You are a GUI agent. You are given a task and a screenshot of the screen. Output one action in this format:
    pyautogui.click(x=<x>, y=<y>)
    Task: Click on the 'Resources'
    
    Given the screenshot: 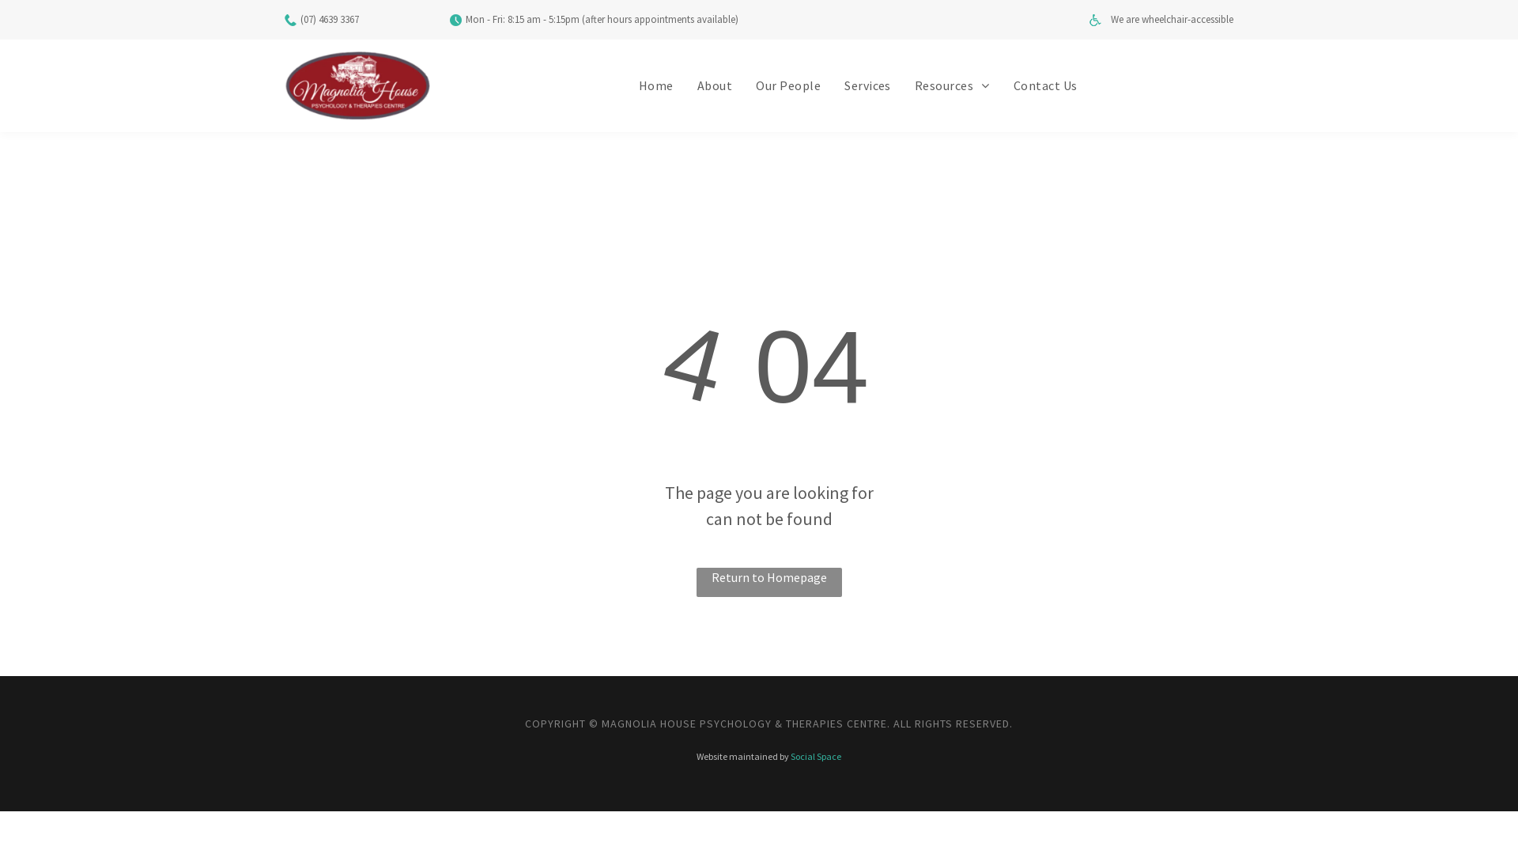 What is the action you would take?
    pyautogui.click(x=903, y=85)
    